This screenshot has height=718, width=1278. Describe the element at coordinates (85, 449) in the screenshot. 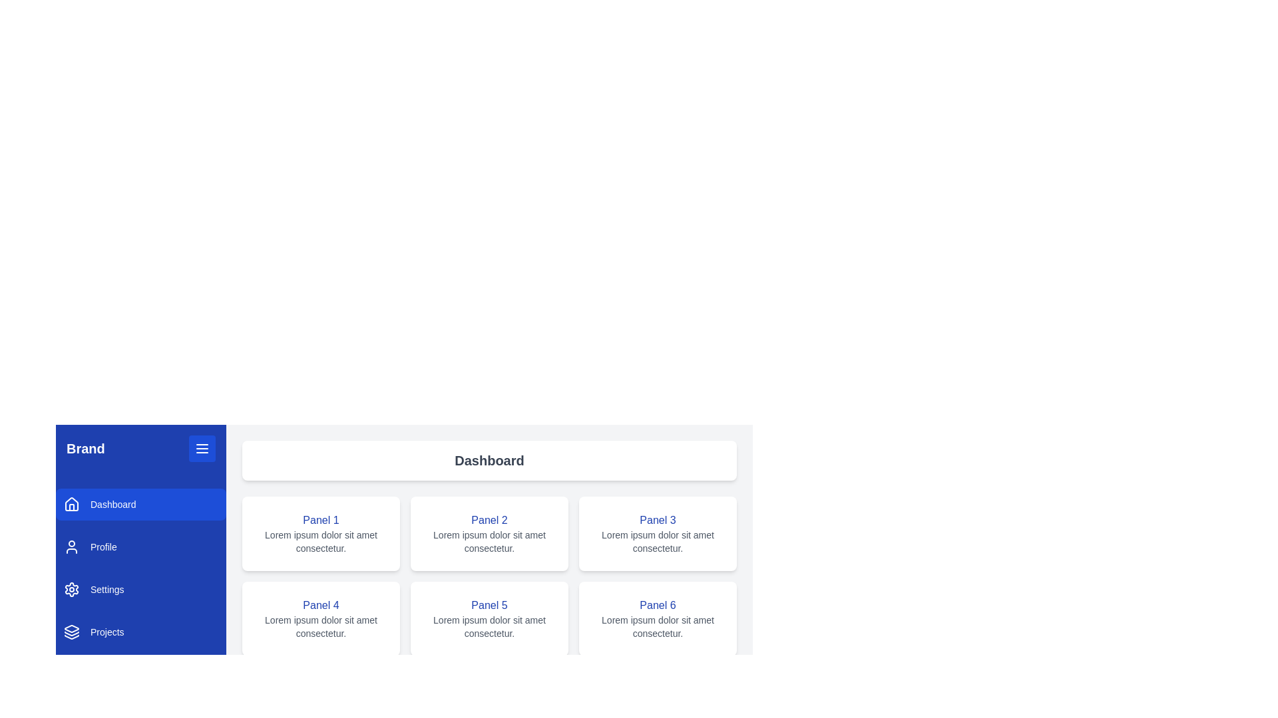

I see `or read the branding label text located at the top-left section of the sidebar, which is the leftmost element among its siblings` at that location.